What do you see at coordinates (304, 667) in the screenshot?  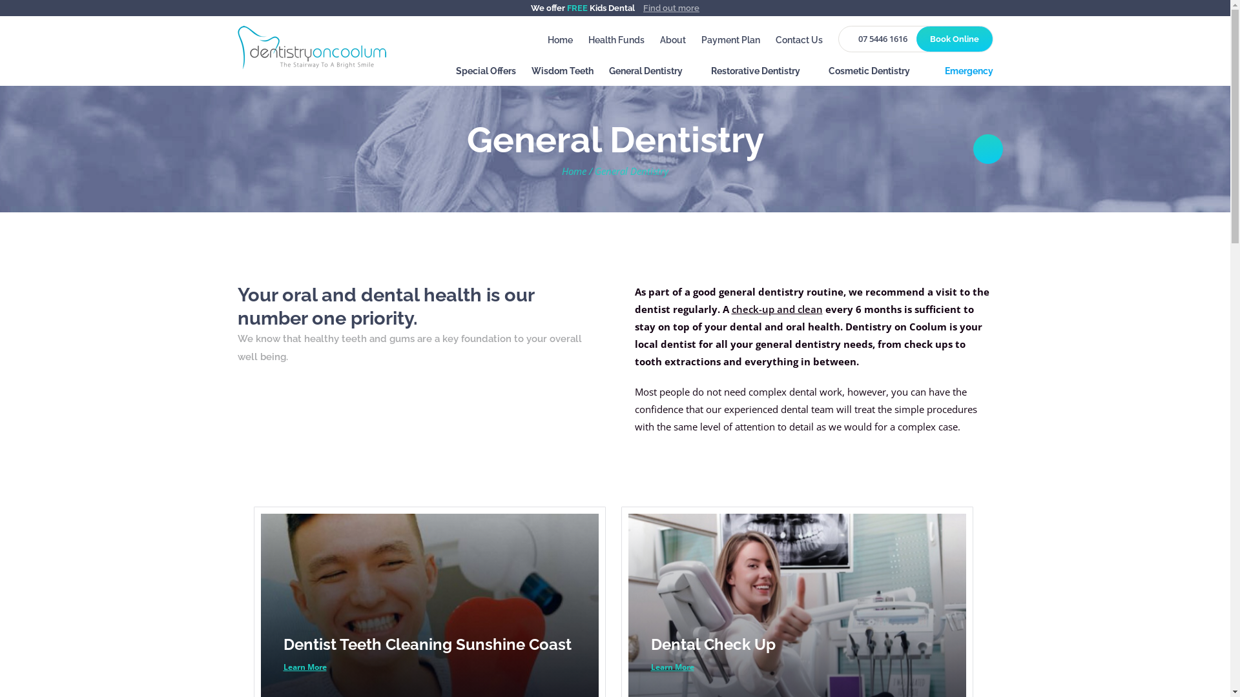 I see `'Learn More'` at bounding box center [304, 667].